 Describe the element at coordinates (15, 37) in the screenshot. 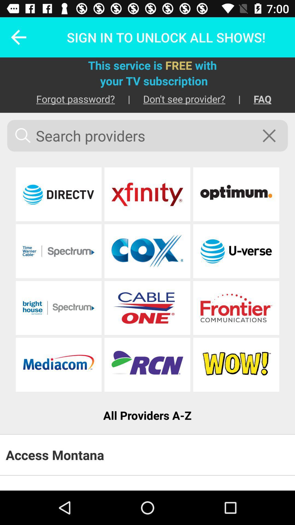

I see `the icon next to sign in to icon` at that location.